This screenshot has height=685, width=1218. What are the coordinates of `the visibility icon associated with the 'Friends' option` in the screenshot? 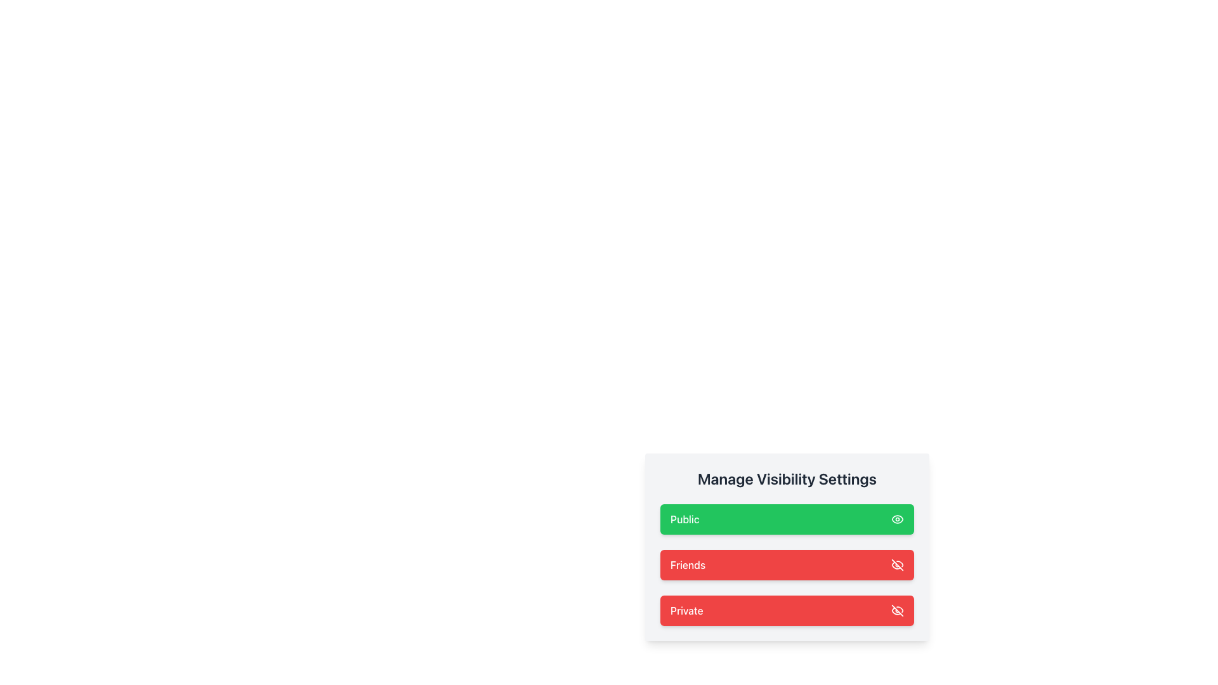 It's located at (897, 564).